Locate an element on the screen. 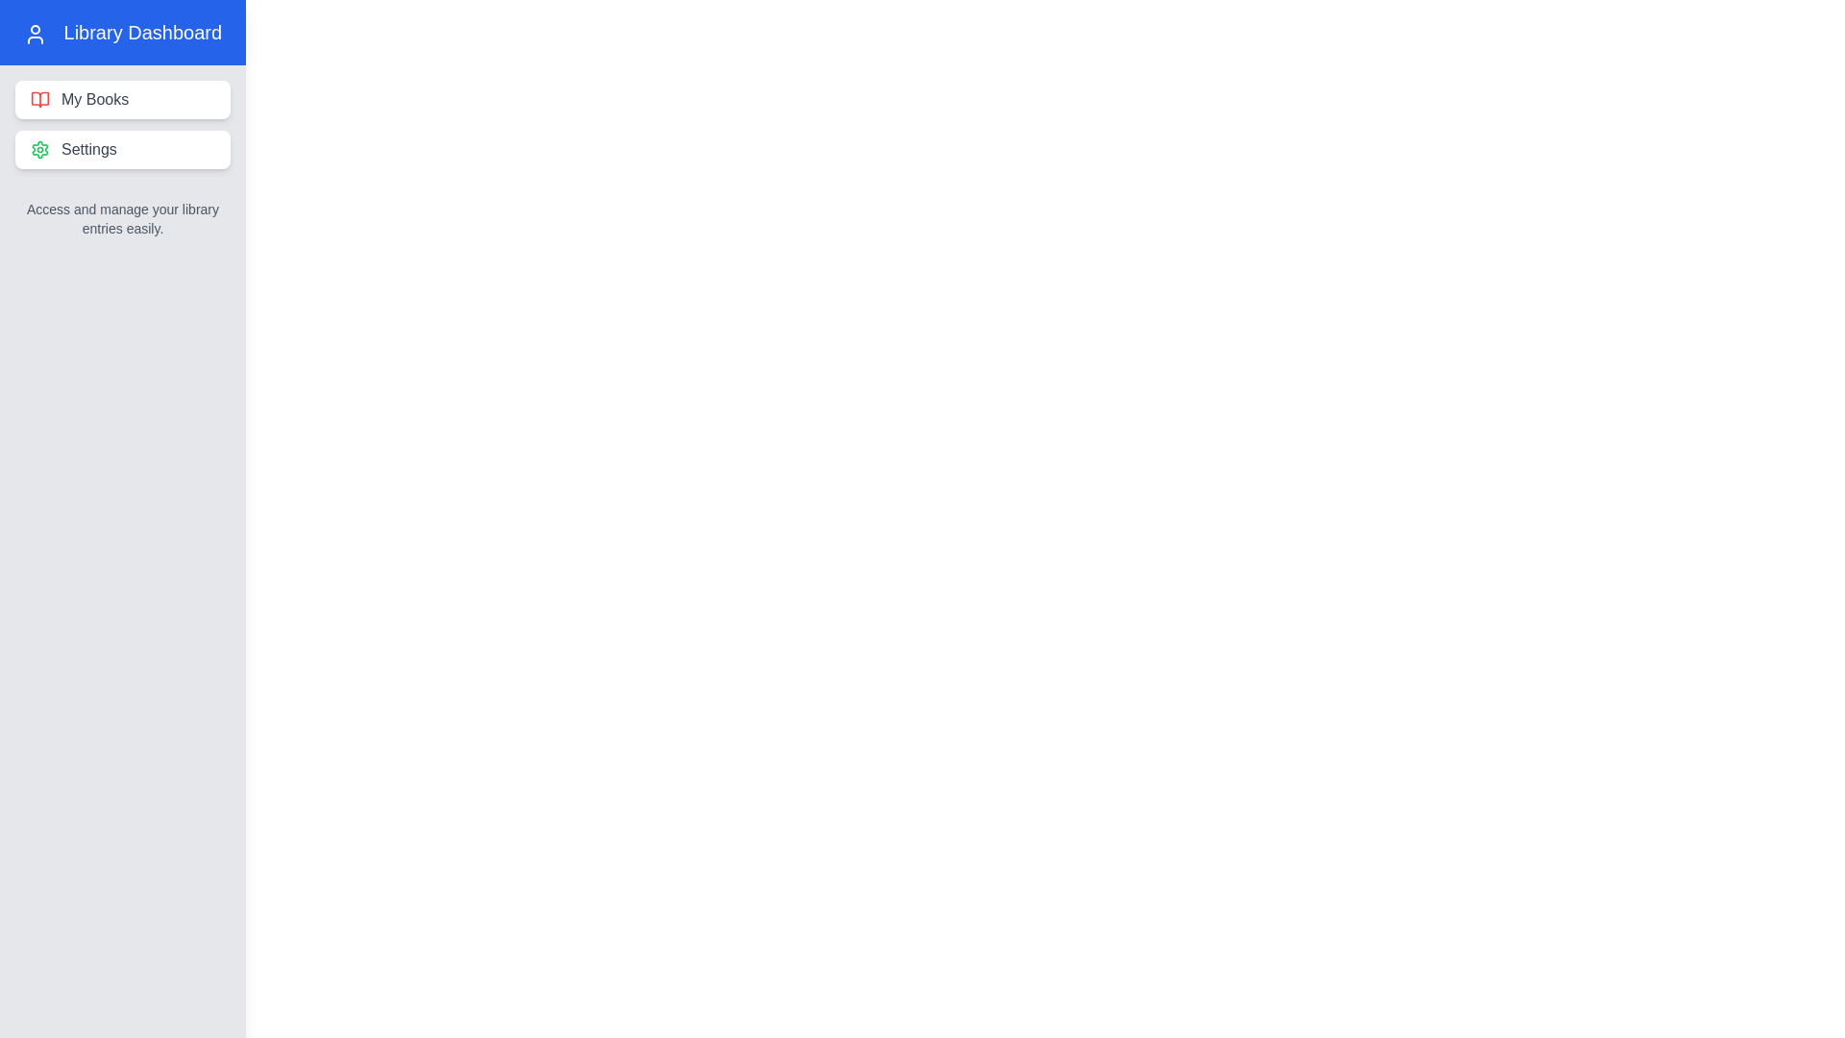  the Library button to toggle the drawer is located at coordinates (50, 47).